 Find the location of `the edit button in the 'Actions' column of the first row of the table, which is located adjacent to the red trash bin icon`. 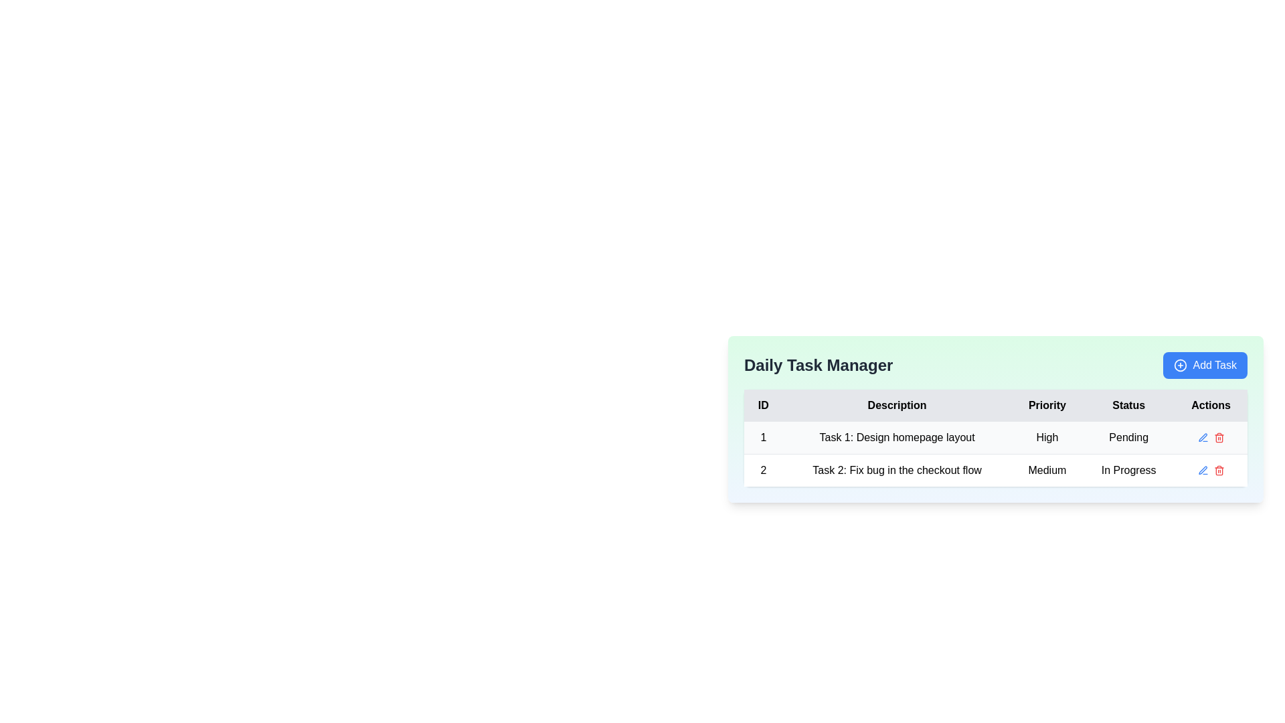

the edit button in the 'Actions' column of the first row of the table, which is located adjacent to the red trash bin icon is located at coordinates (1203, 469).